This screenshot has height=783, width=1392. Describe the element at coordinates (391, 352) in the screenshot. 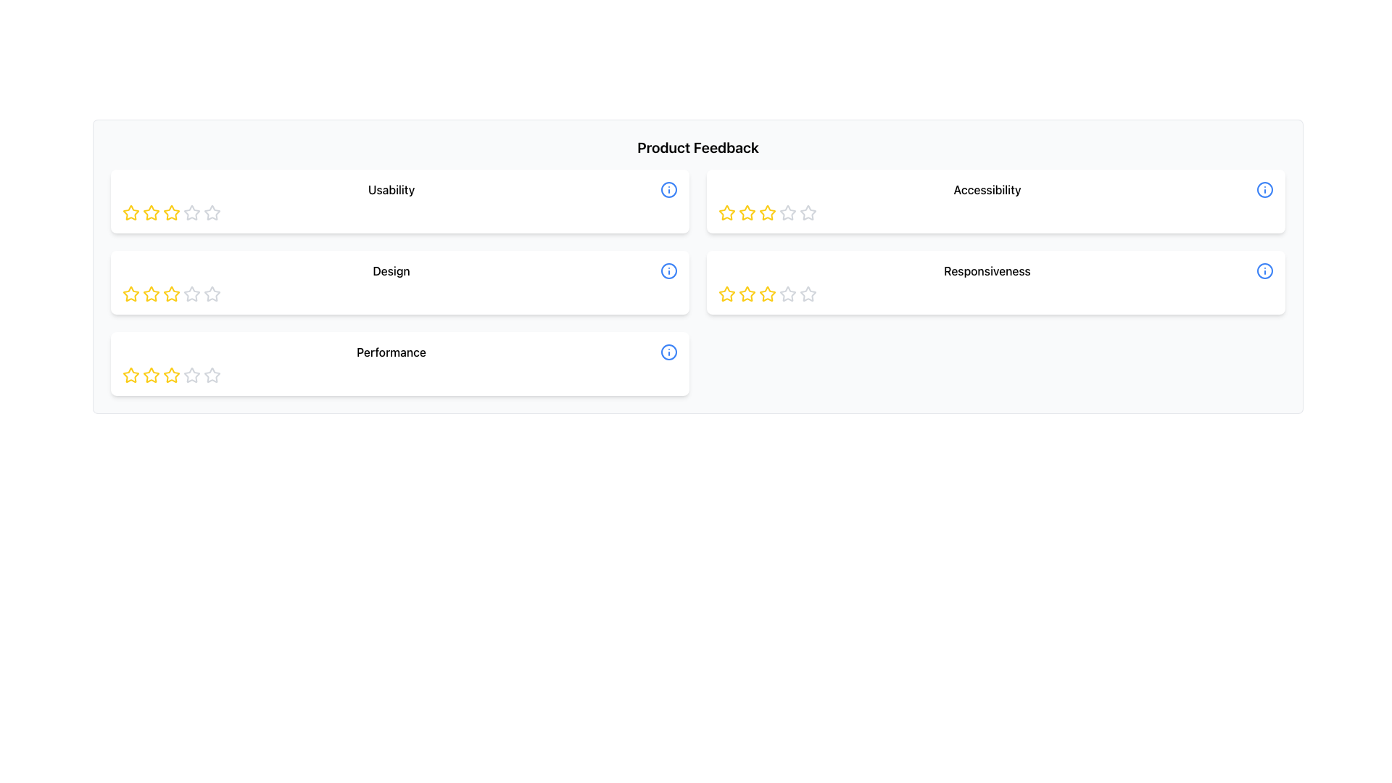

I see `the static text label displaying 'Performance', located in the third feedback panel under the 'Design' section on the left column` at that location.